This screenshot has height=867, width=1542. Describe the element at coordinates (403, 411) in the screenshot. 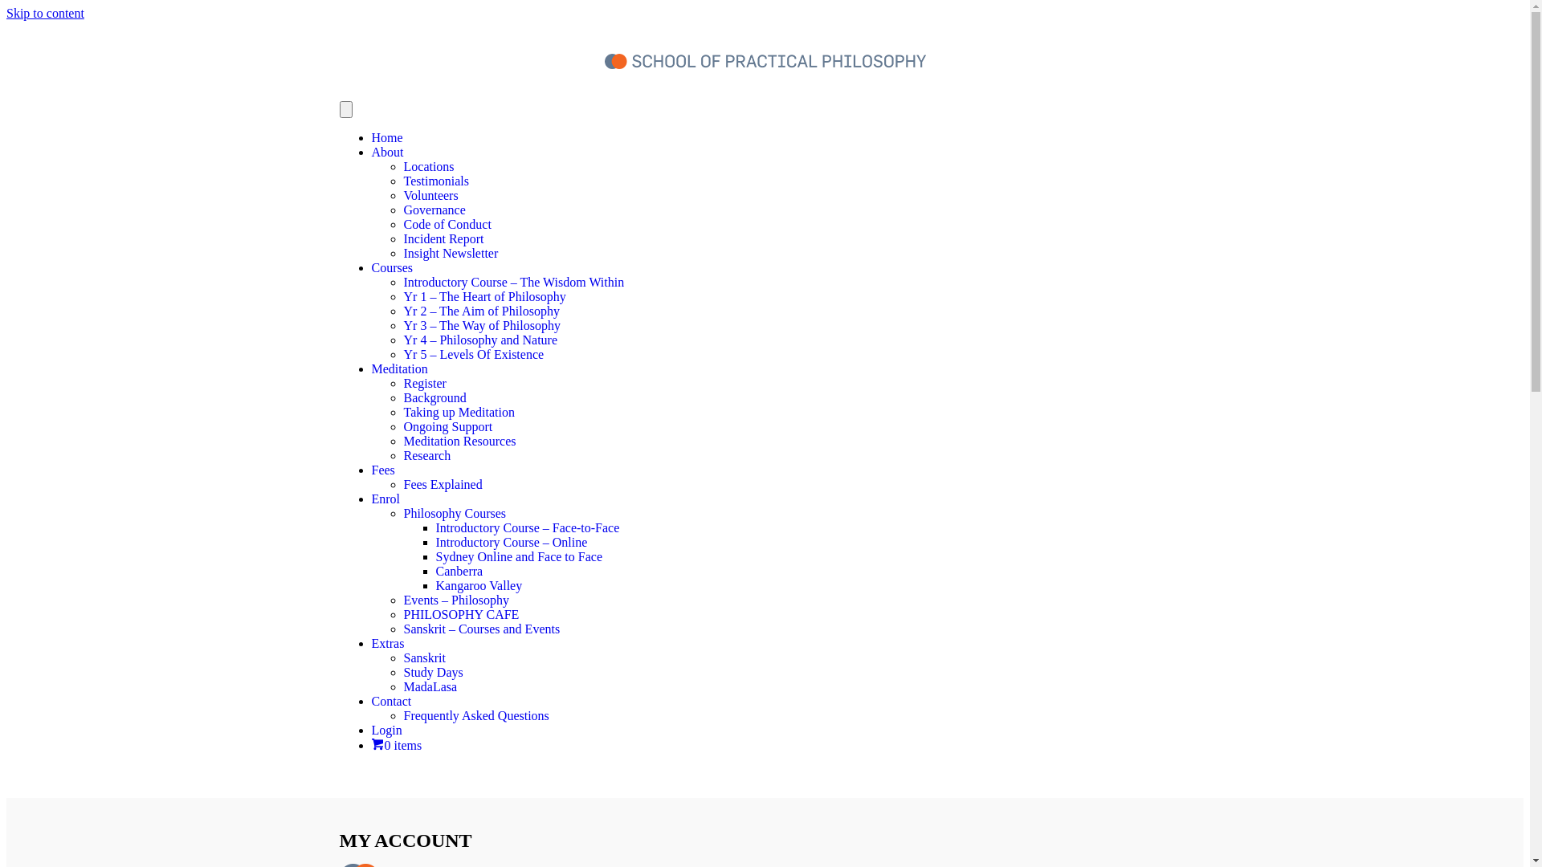

I see `'Taking up Meditation'` at that location.